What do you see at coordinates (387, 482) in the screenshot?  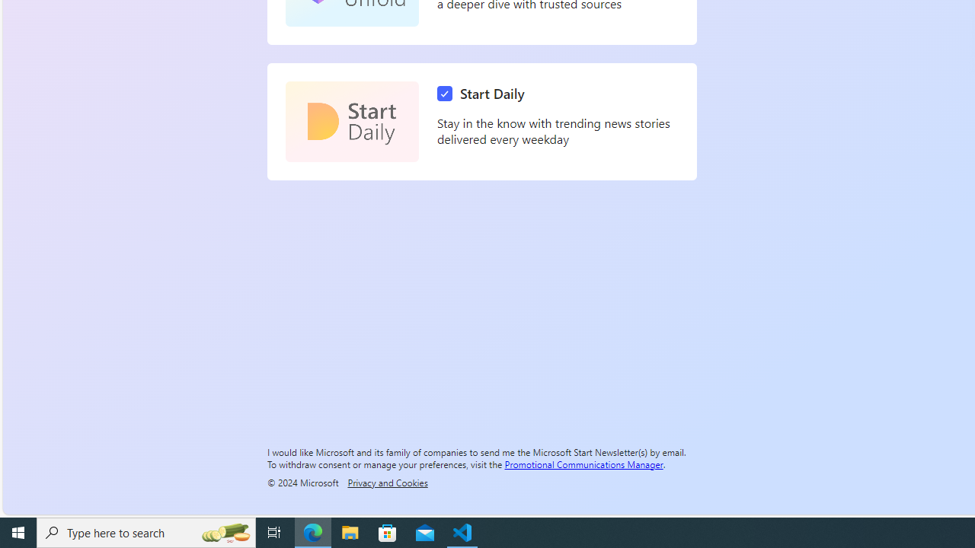 I see `'Privacy and Cookies'` at bounding box center [387, 482].